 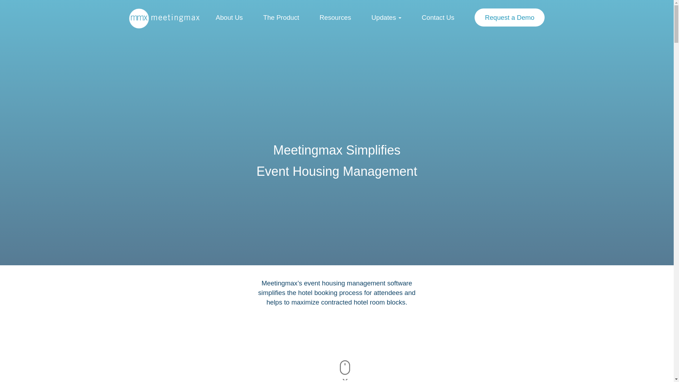 What do you see at coordinates (475, 17) in the screenshot?
I see `'Request a Demo'` at bounding box center [475, 17].